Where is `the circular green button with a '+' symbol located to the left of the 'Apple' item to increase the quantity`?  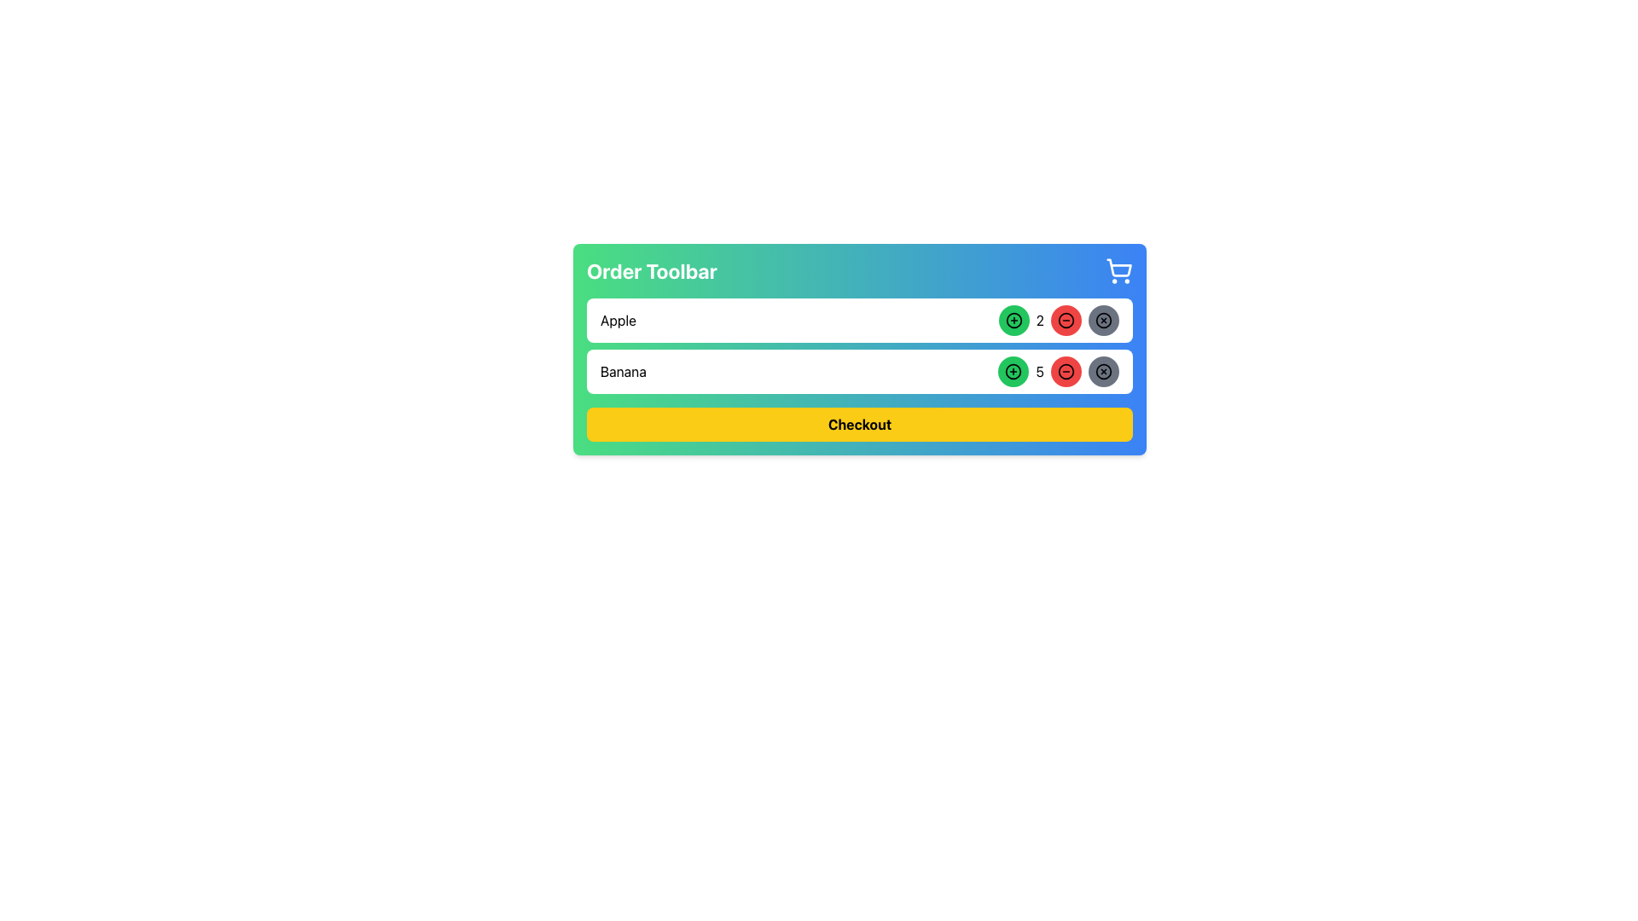 the circular green button with a '+' symbol located to the left of the 'Apple' item to increase the quantity is located at coordinates (1014, 320).